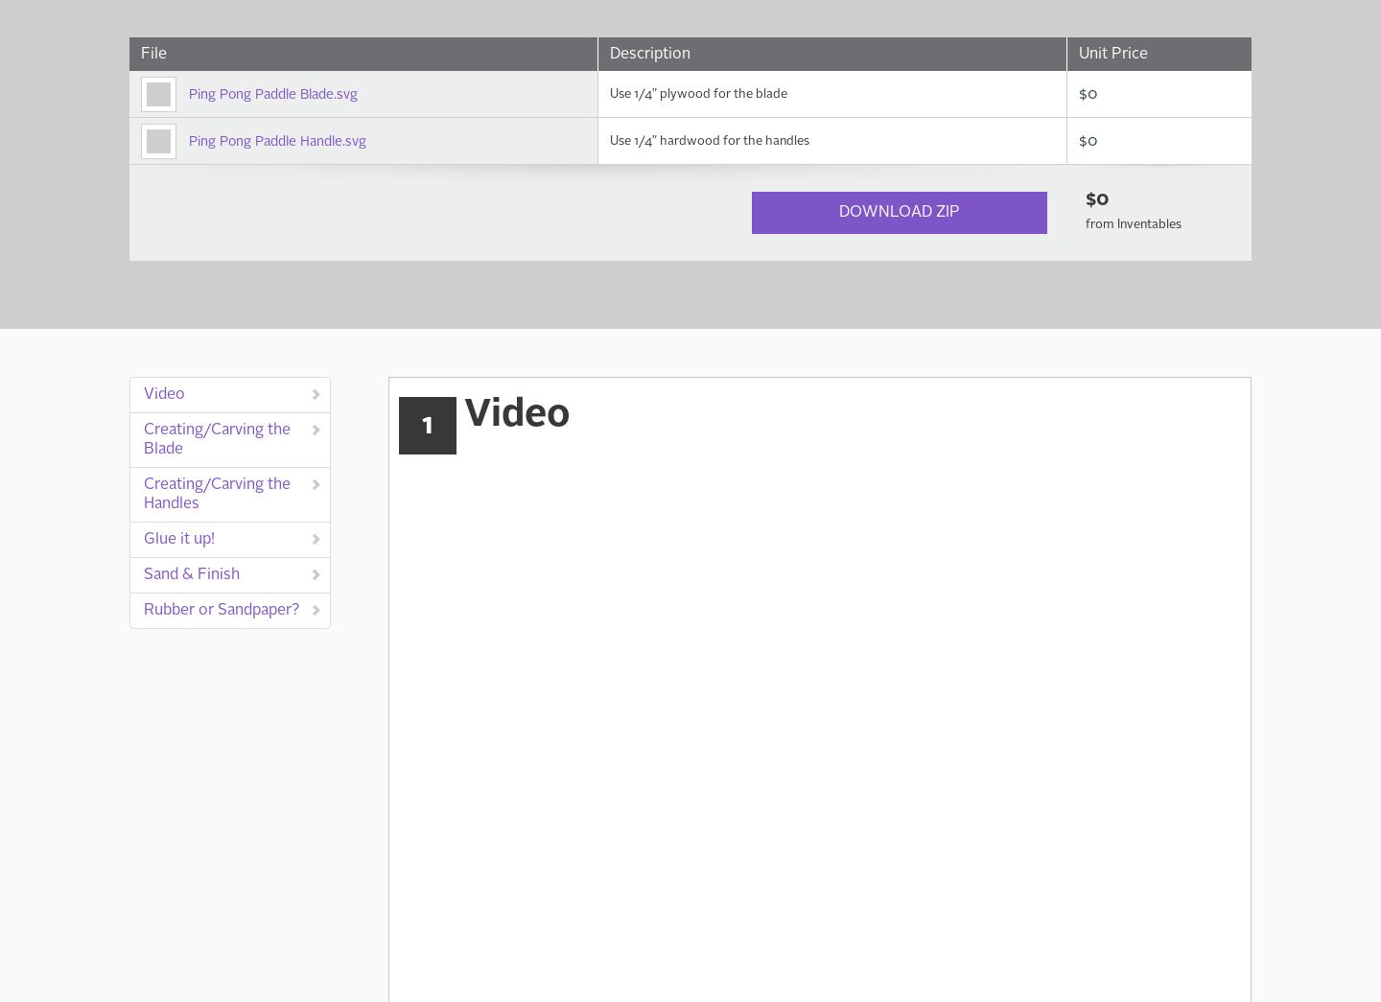 The image size is (1381, 1002). What do you see at coordinates (143, 574) in the screenshot?
I see `'Sand & Finish'` at bounding box center [143, 574].